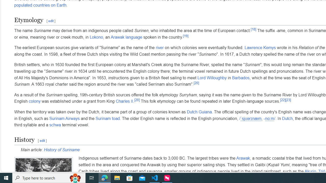 This screenshot has height=183, width=326. Describe the element at coordinates (64, 118) in the screenshot. I see `'Surinam Airways'` at that location.